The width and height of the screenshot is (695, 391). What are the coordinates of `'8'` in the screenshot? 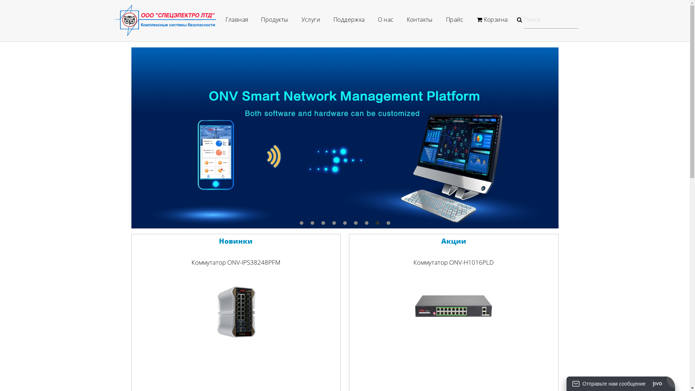 It's located at (377, 223).